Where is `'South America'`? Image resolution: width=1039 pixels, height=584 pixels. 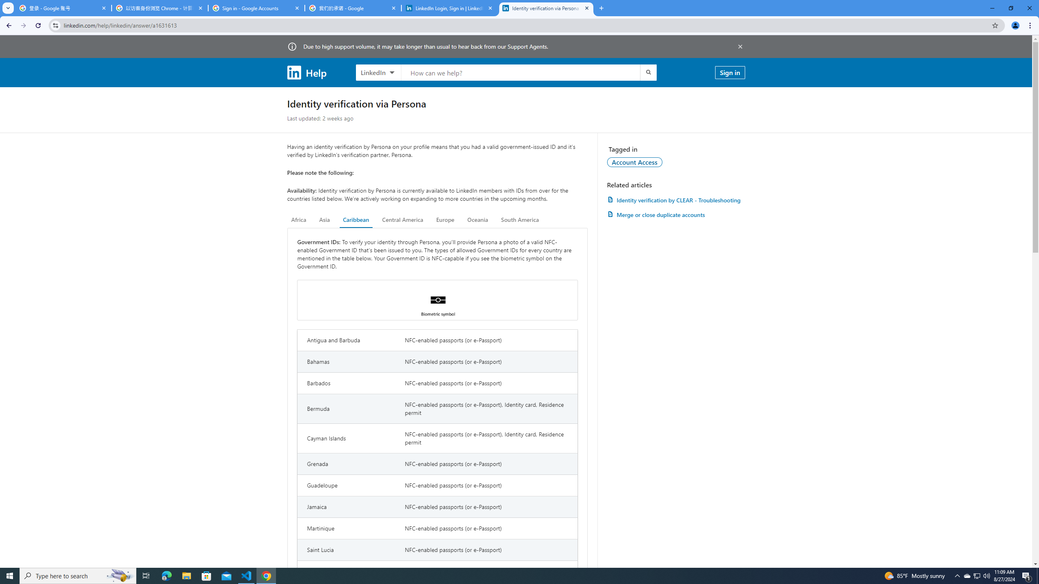
'South America' is located at coordinates (519, 219).